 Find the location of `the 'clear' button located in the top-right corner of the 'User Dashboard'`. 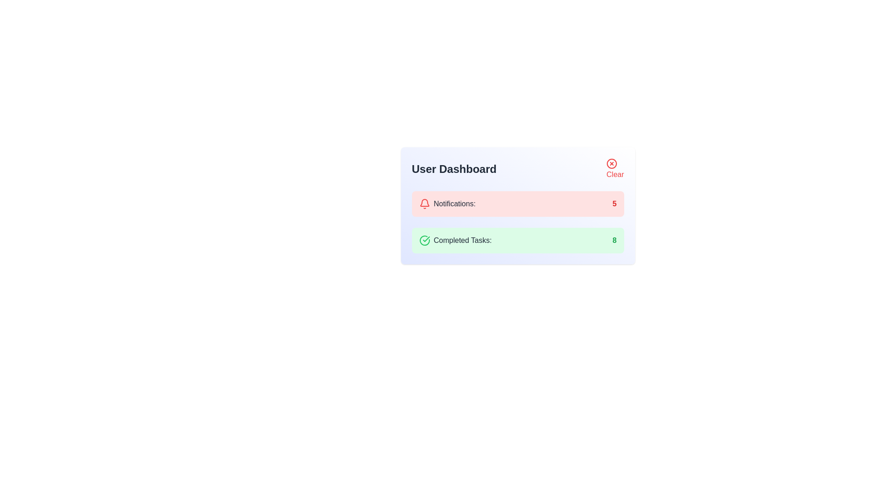

the 'clear' button located in the top-right corner of the 'User Dashboard' is located at coordinates (615, 169).